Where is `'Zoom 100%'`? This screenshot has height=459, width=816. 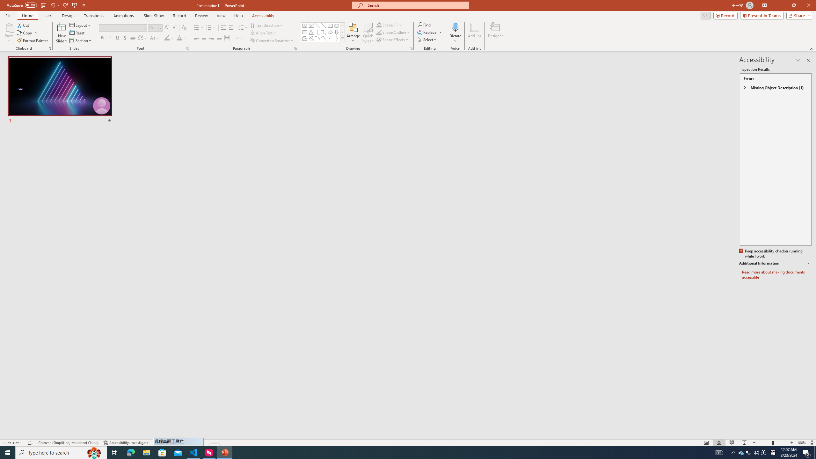
'Zoom 100%' is located at coordinates (802, 443).